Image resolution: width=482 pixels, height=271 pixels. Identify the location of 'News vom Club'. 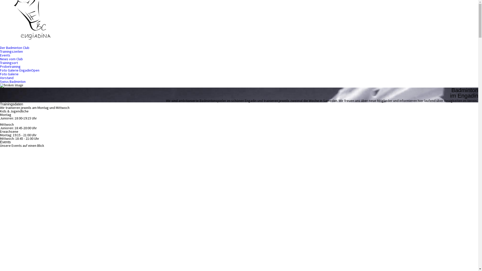
(11, 59).